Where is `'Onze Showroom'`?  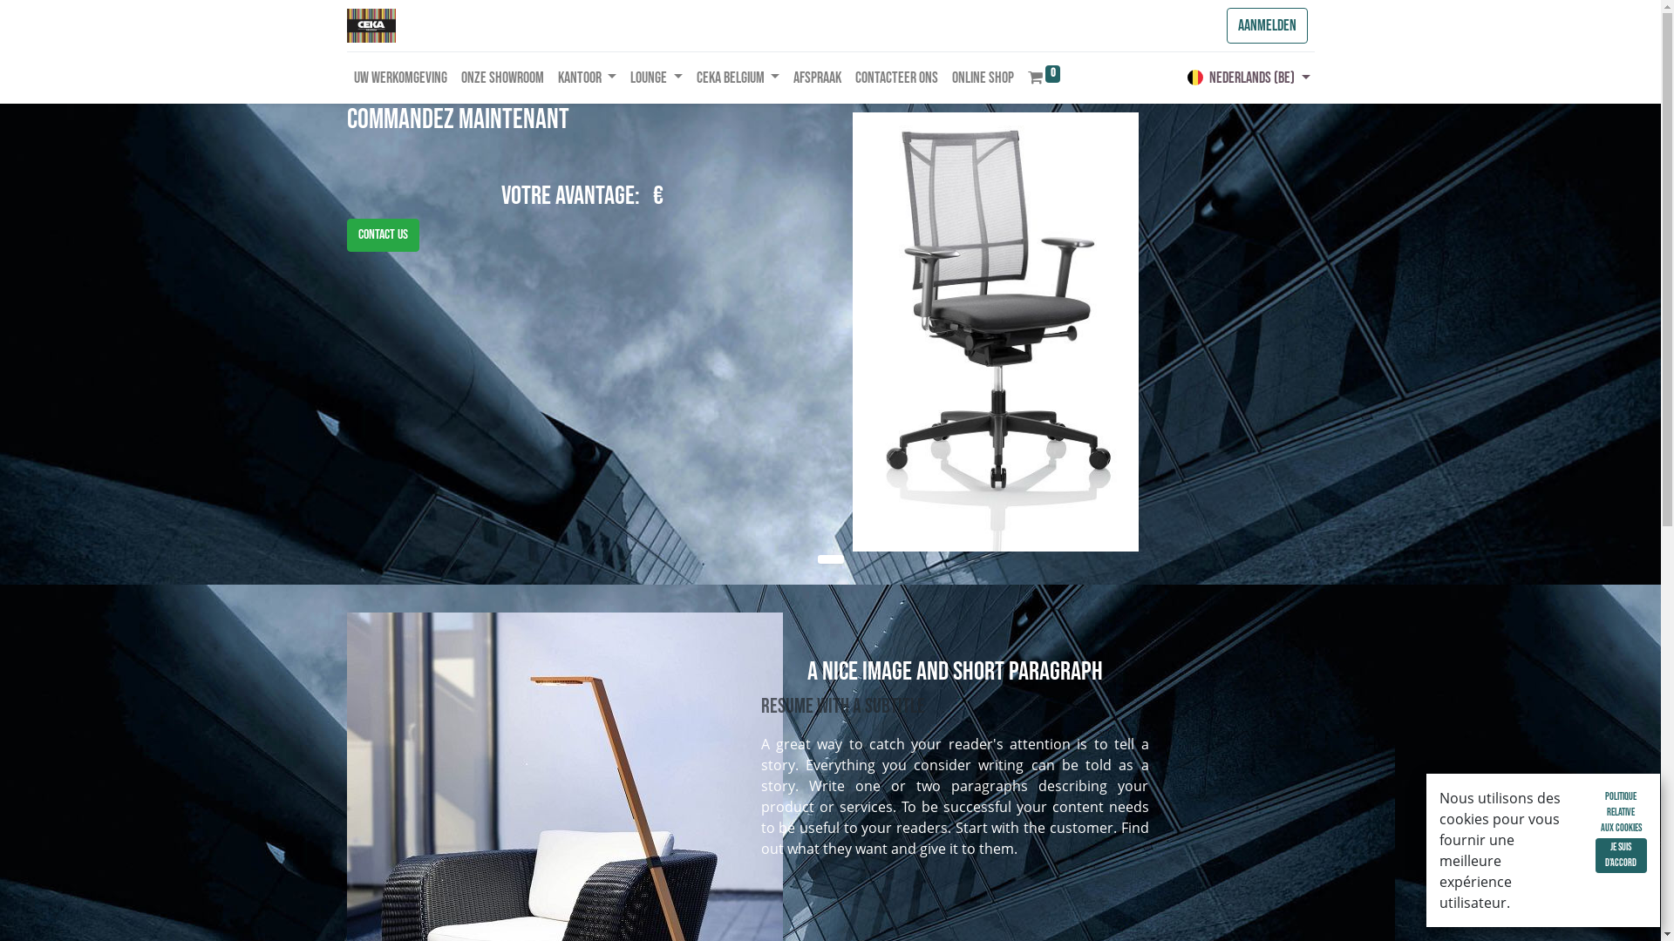 'Onze Showroom' is located at coordinates (453, 77).